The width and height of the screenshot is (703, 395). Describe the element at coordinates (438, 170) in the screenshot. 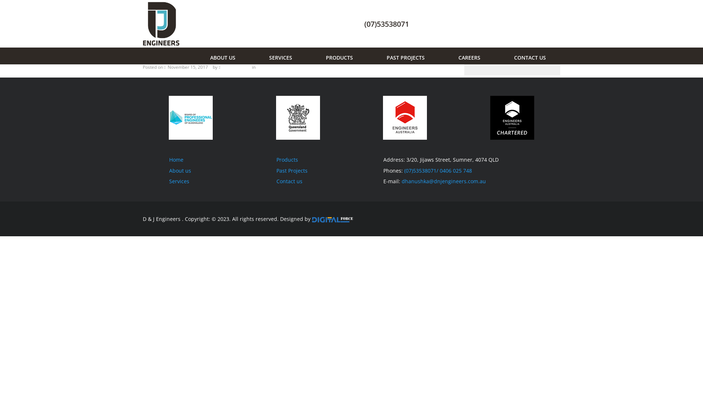

I see `'(07)53538071/ 0406 025 748'` at that location.